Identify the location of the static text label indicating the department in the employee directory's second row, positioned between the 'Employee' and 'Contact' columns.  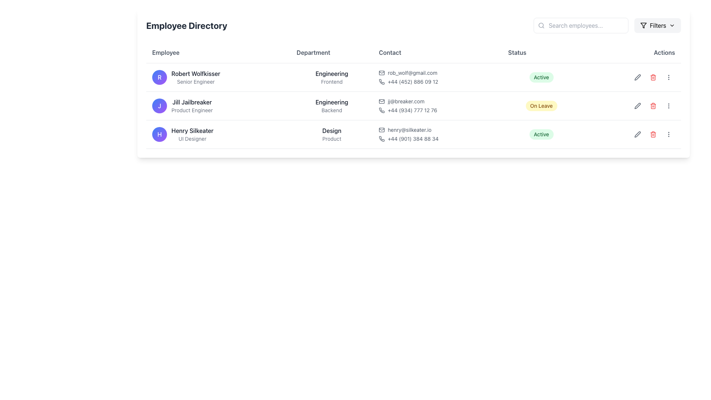
(331, 102).